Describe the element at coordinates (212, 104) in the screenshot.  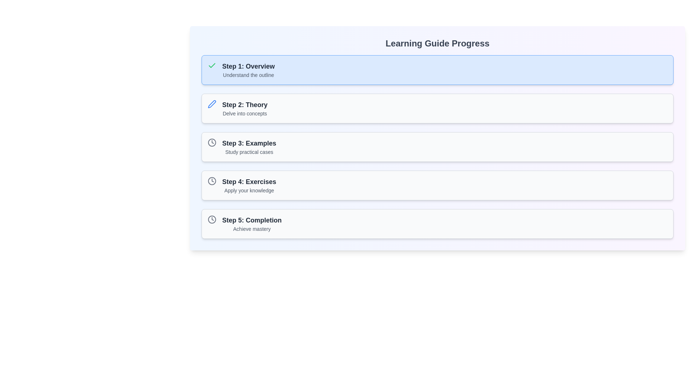
I see `the pen icon located in the 'Step 2: Theory' section` at that location.